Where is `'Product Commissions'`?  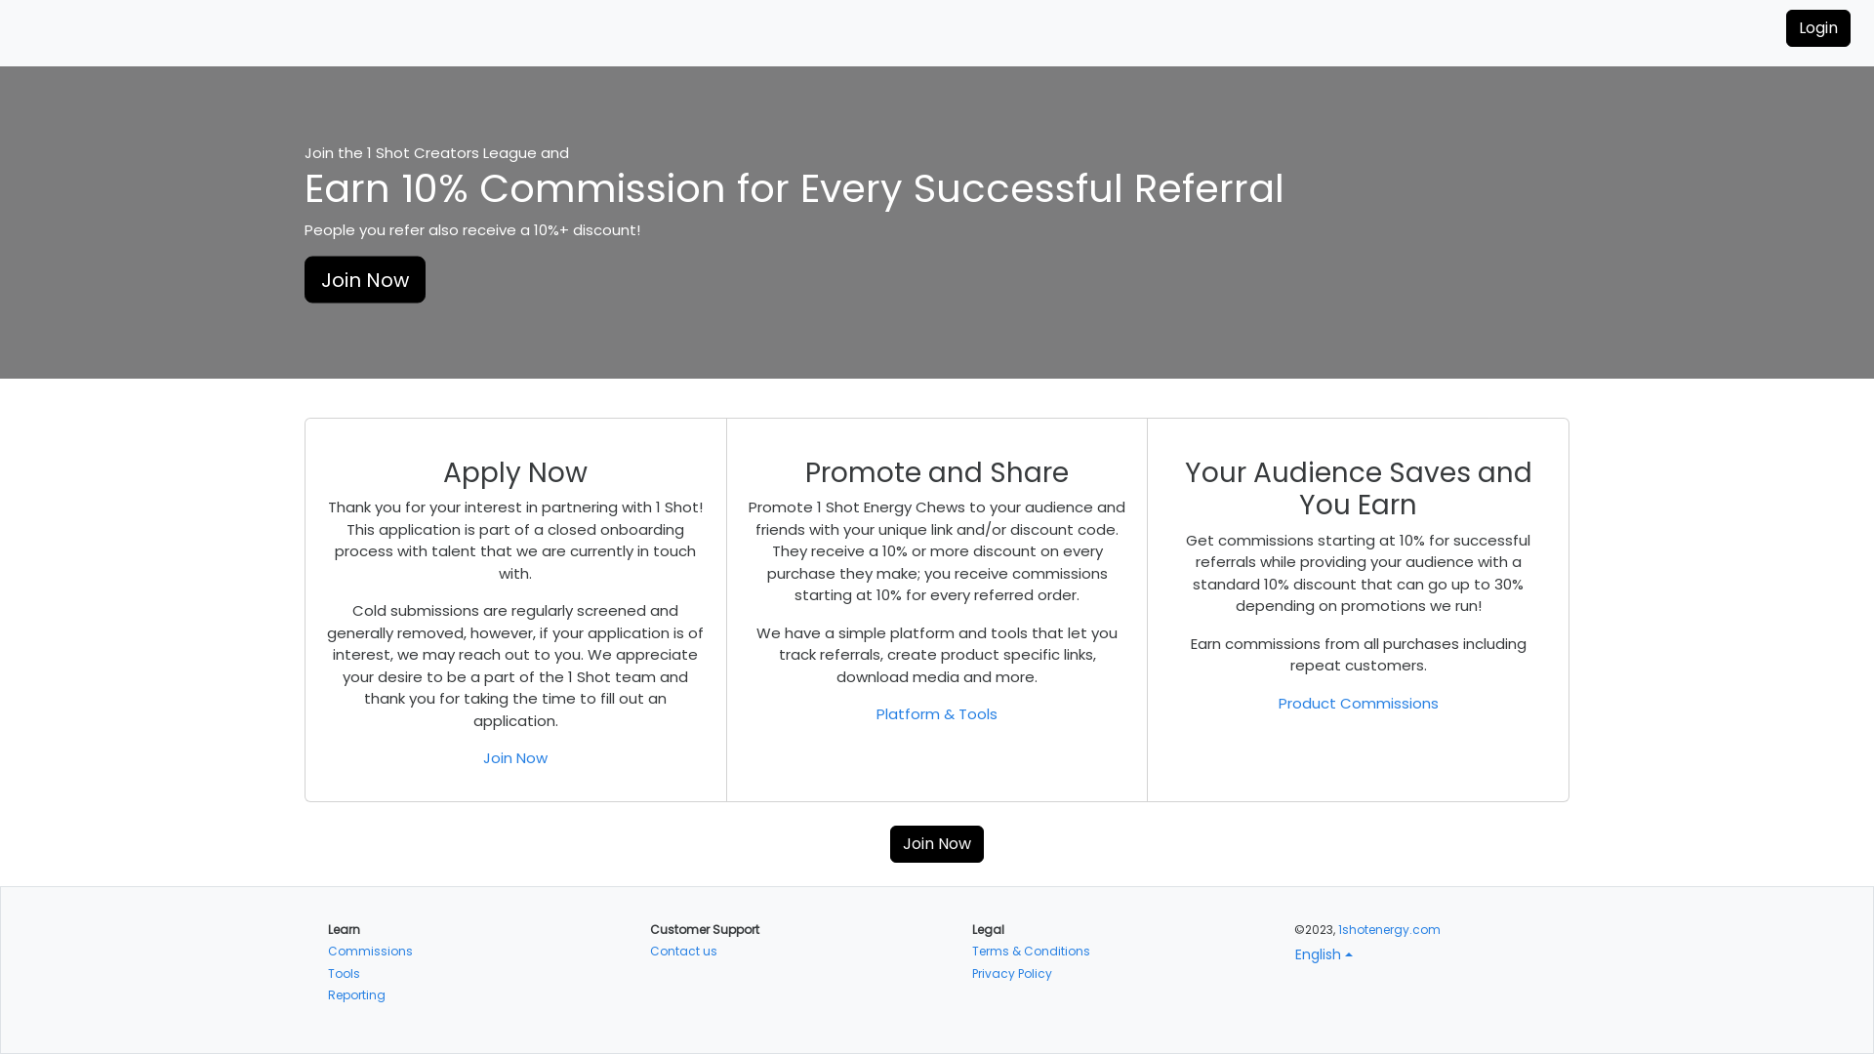 'Product Commissions' is located at coordinates (1358, 679).